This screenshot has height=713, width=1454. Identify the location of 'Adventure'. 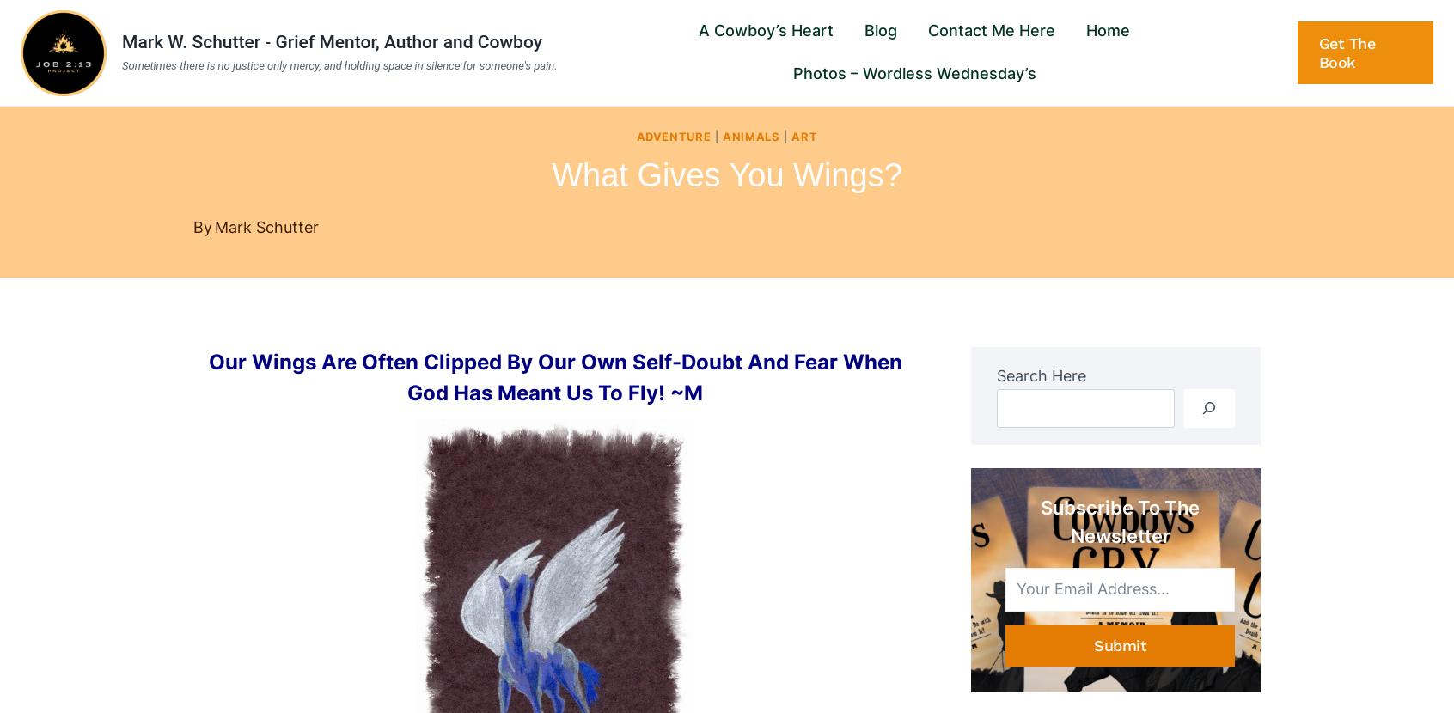
(673, 135).